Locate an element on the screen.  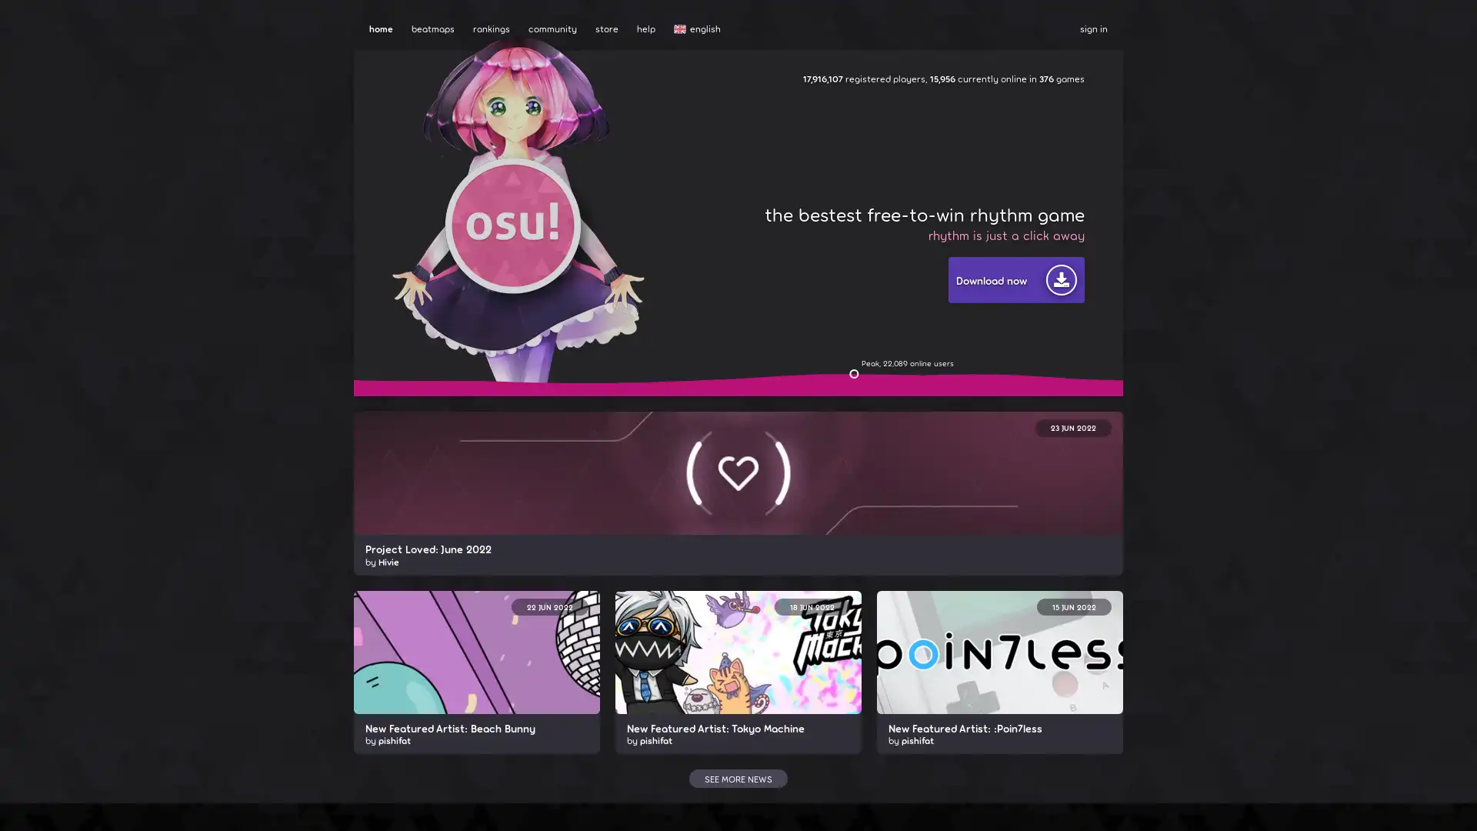
dansk is located at coordinates (719, 152).